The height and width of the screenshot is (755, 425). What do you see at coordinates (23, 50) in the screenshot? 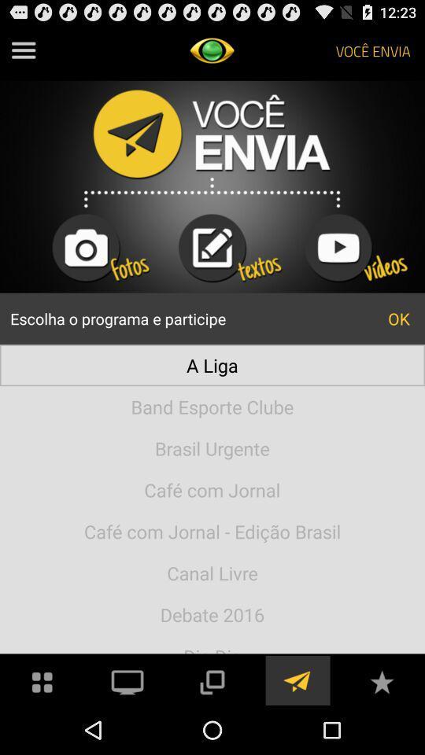
I see `menu option` at bounding box center [23, 50].